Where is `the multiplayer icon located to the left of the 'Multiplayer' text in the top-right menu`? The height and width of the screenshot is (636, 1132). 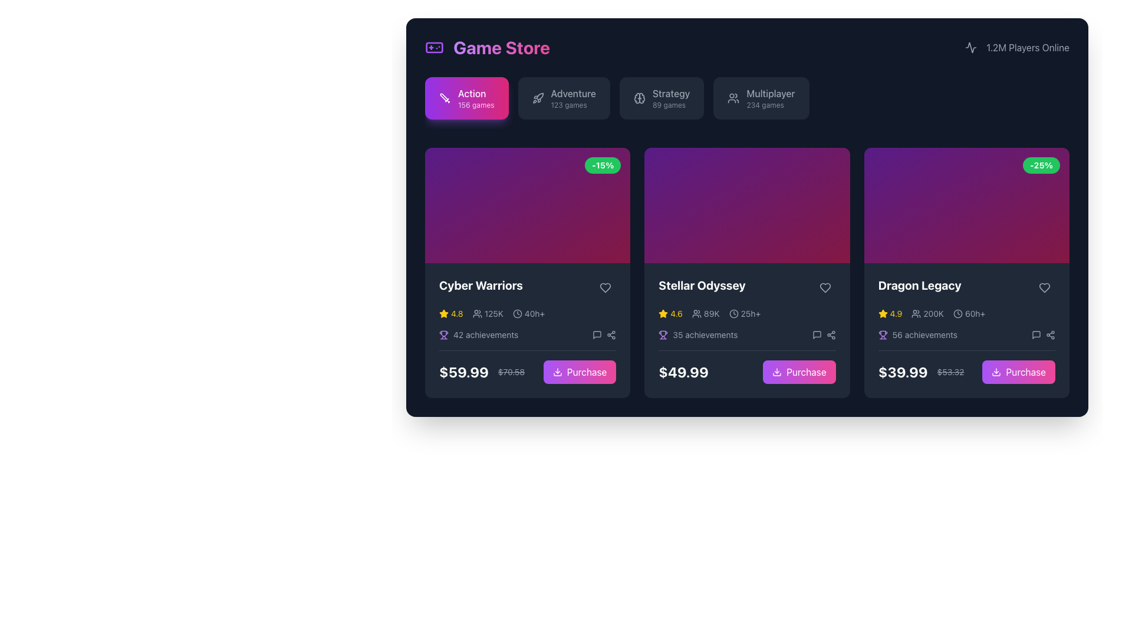 the multiplayer icon located to the left of the 'Multiplayer' text in the top-right menu is located at coordinates (733, 97).